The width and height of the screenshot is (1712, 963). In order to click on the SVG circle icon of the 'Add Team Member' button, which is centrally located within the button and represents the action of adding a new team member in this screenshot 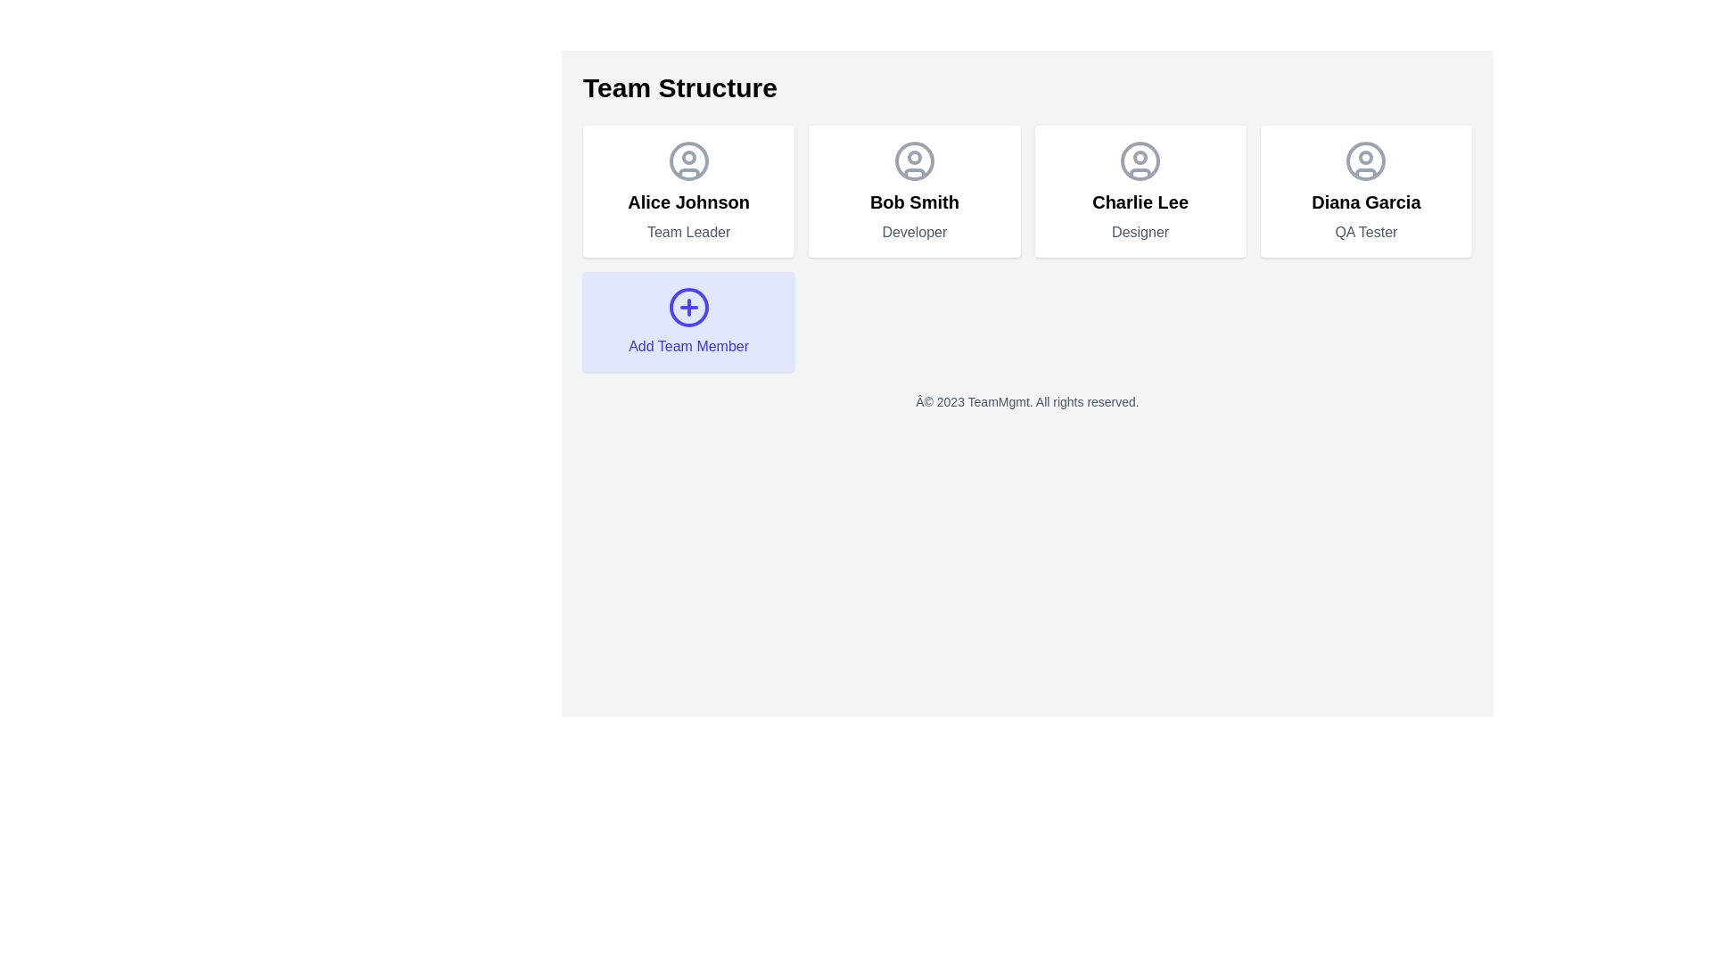, I will do `click(687, 306)`.